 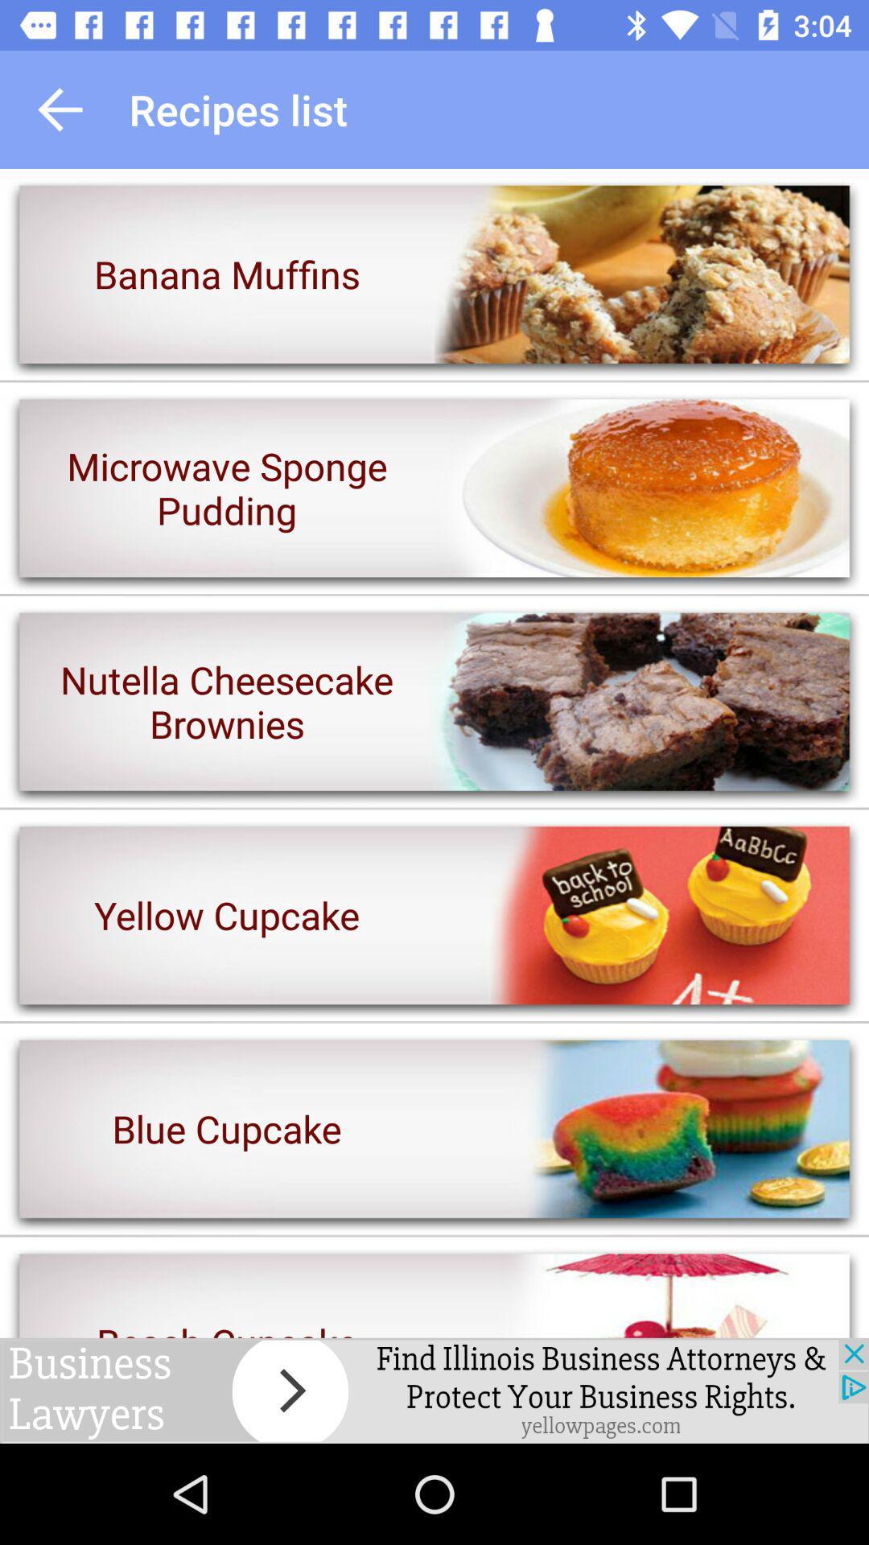 What do you see at coordinates (59, 109) in the screenshot?
I see `go back` at bounding box center [59, 109].